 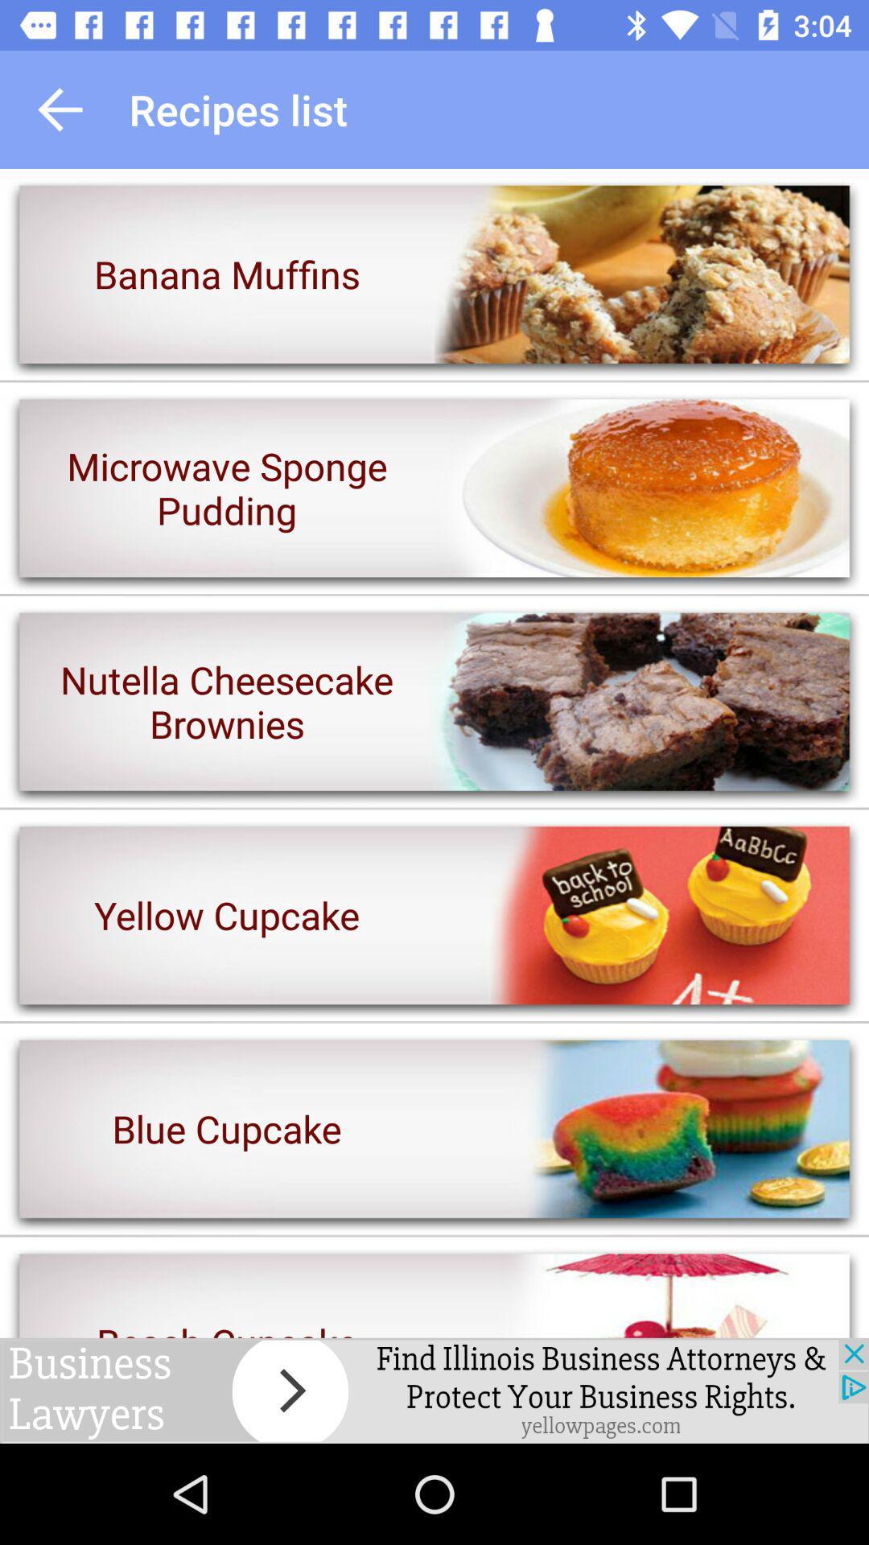 What do you see at coordinates (59, 109) in the screenshot?
I see `go back` at bounding box center [59, 109].